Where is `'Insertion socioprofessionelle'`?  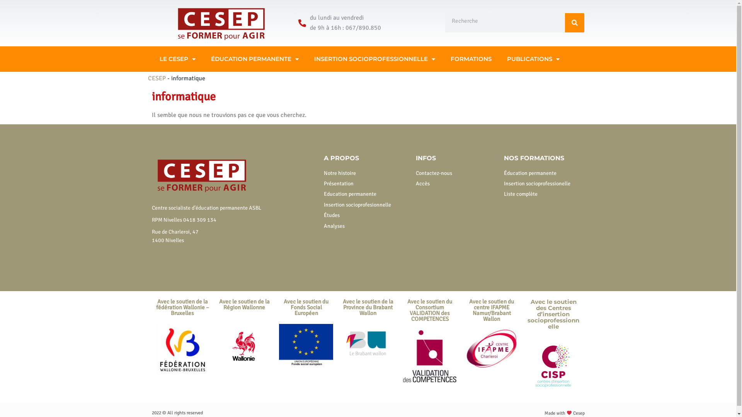
'Insertion socioprofessionelle' is located at coordinates (504, 183).